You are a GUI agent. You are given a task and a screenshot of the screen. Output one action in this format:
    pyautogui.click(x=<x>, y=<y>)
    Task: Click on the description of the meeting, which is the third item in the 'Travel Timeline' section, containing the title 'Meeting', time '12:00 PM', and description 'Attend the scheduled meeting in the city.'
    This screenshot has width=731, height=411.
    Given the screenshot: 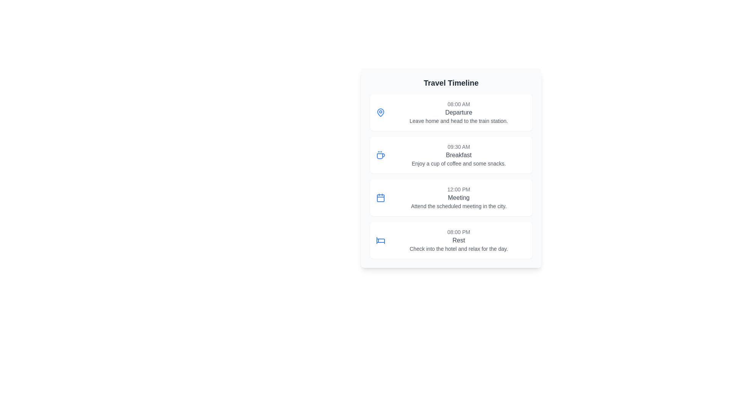 What is the action you would take?
    pyautogui.click(x=458, y=198)
    